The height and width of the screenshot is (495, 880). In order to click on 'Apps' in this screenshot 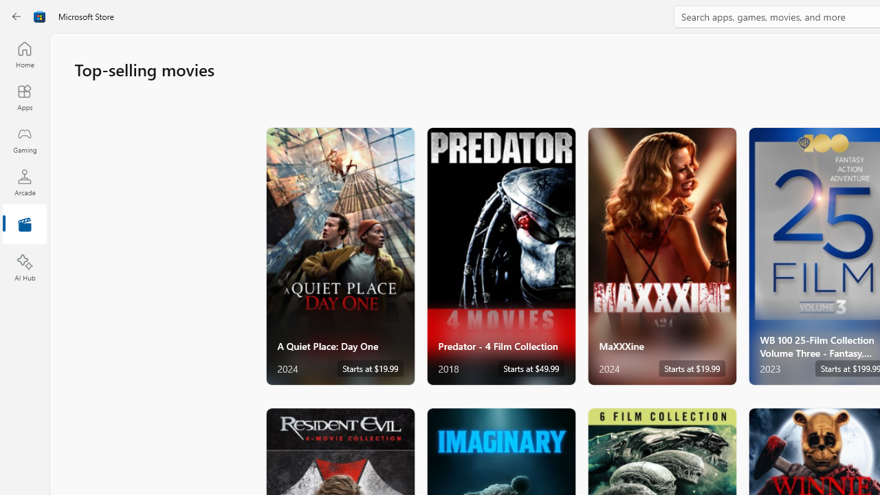, I will do `click(24, 96)`.